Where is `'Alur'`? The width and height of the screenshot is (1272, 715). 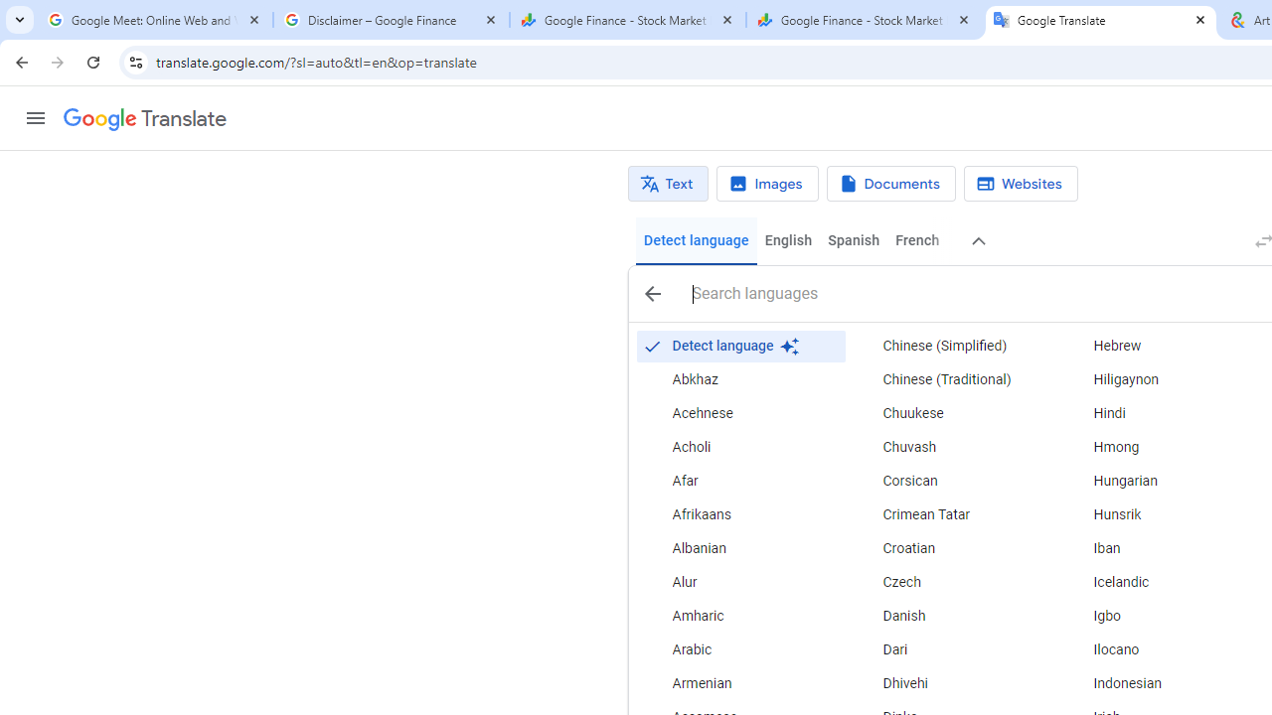
'Alur' is located at coordinates (739, 582).